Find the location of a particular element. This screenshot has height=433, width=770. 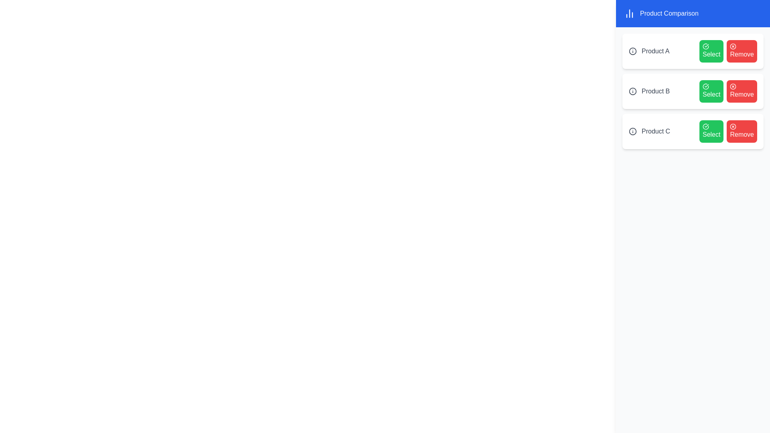

the information icon next to Product C is located at coordinates (632, 131).